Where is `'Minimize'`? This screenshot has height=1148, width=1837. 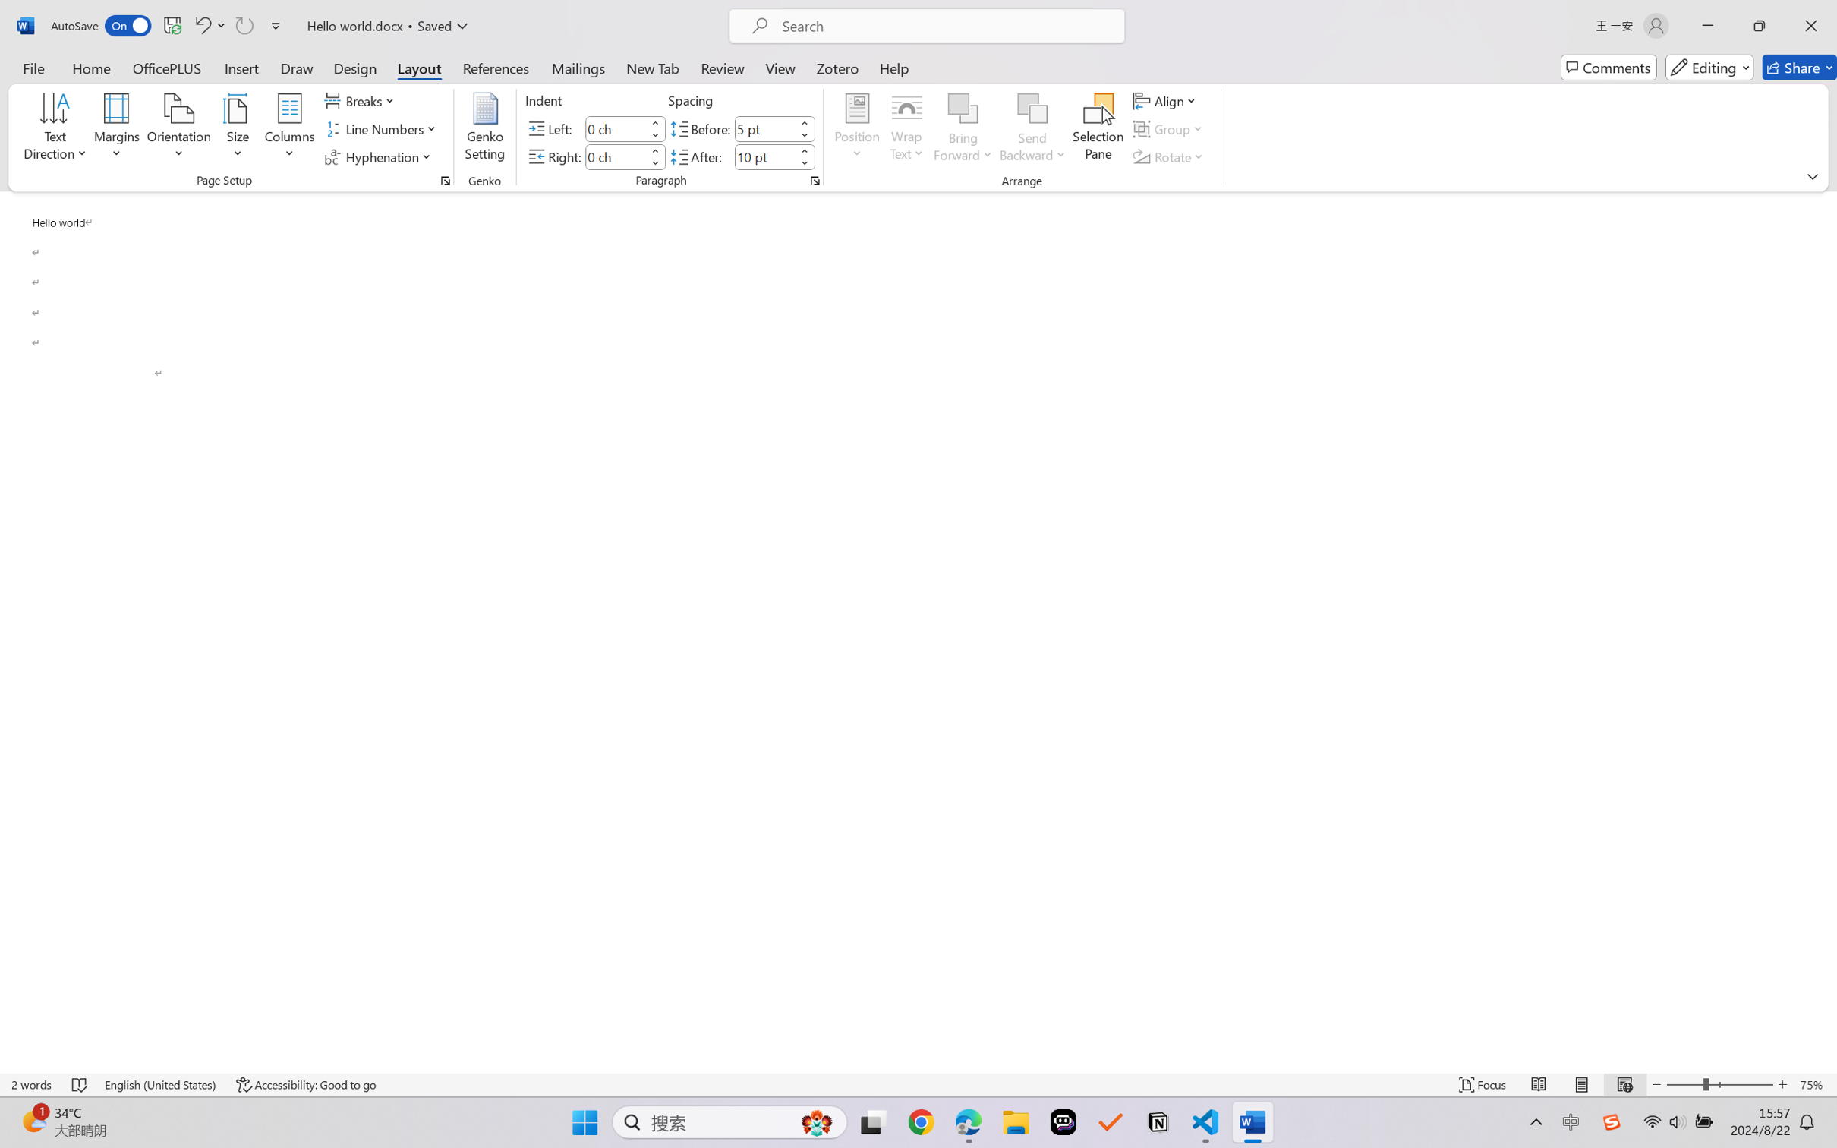 'Minimize' is located at coordinates (1708, 25).